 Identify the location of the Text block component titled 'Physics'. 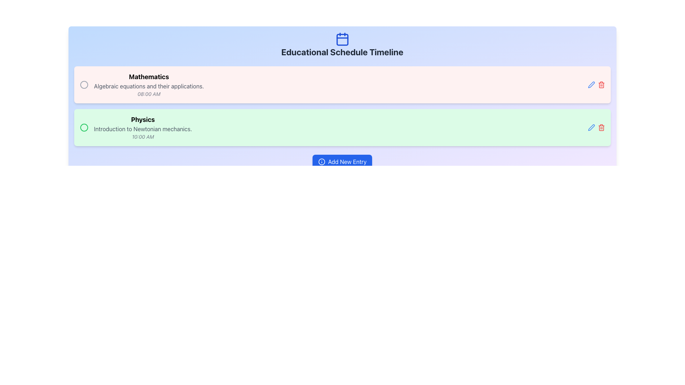
(143, 127).